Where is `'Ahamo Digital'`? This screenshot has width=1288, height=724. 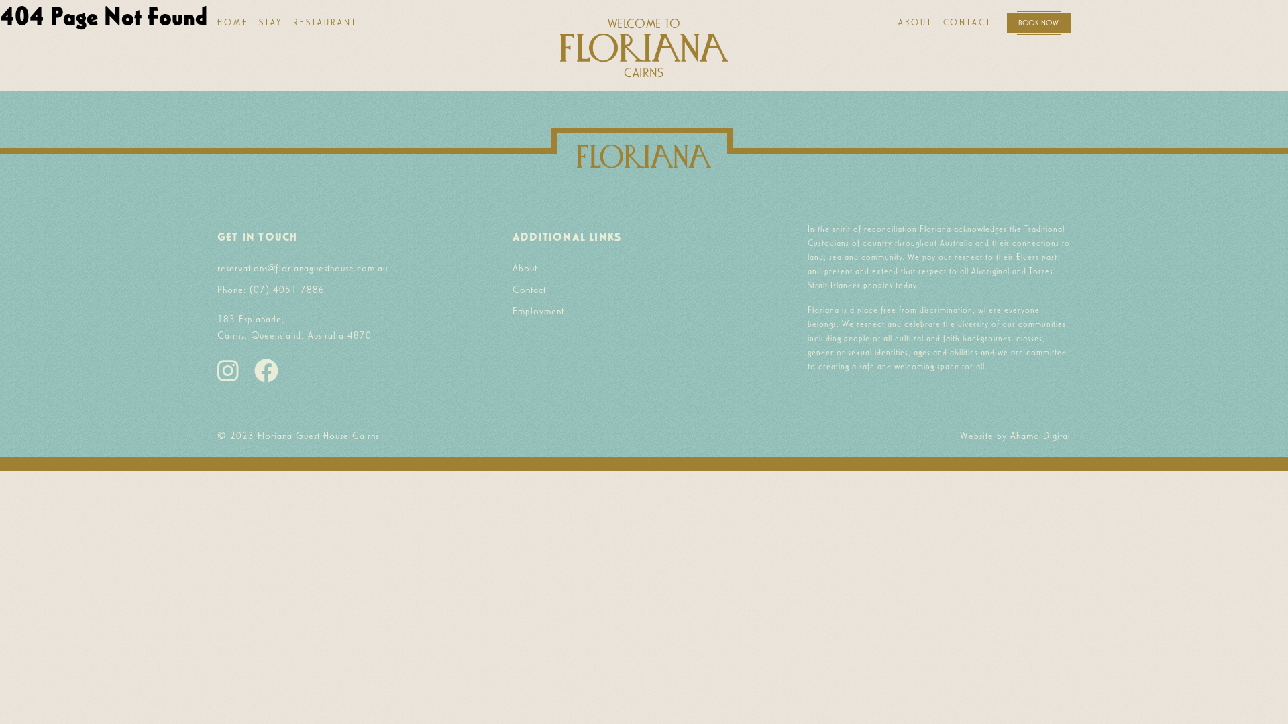
'Ahamo Digital' is located at coordinates (1039, 435).